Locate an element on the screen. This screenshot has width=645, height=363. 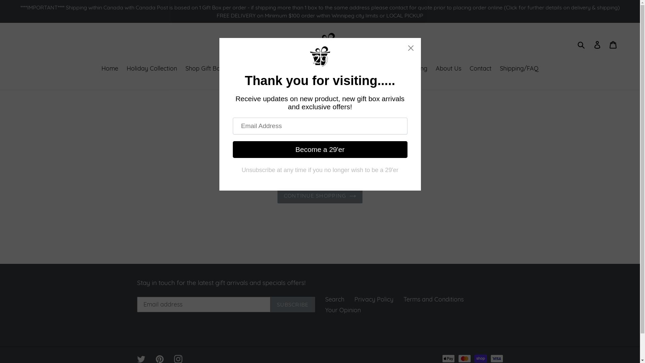
'Contact' is located at coordinates (466, 69).